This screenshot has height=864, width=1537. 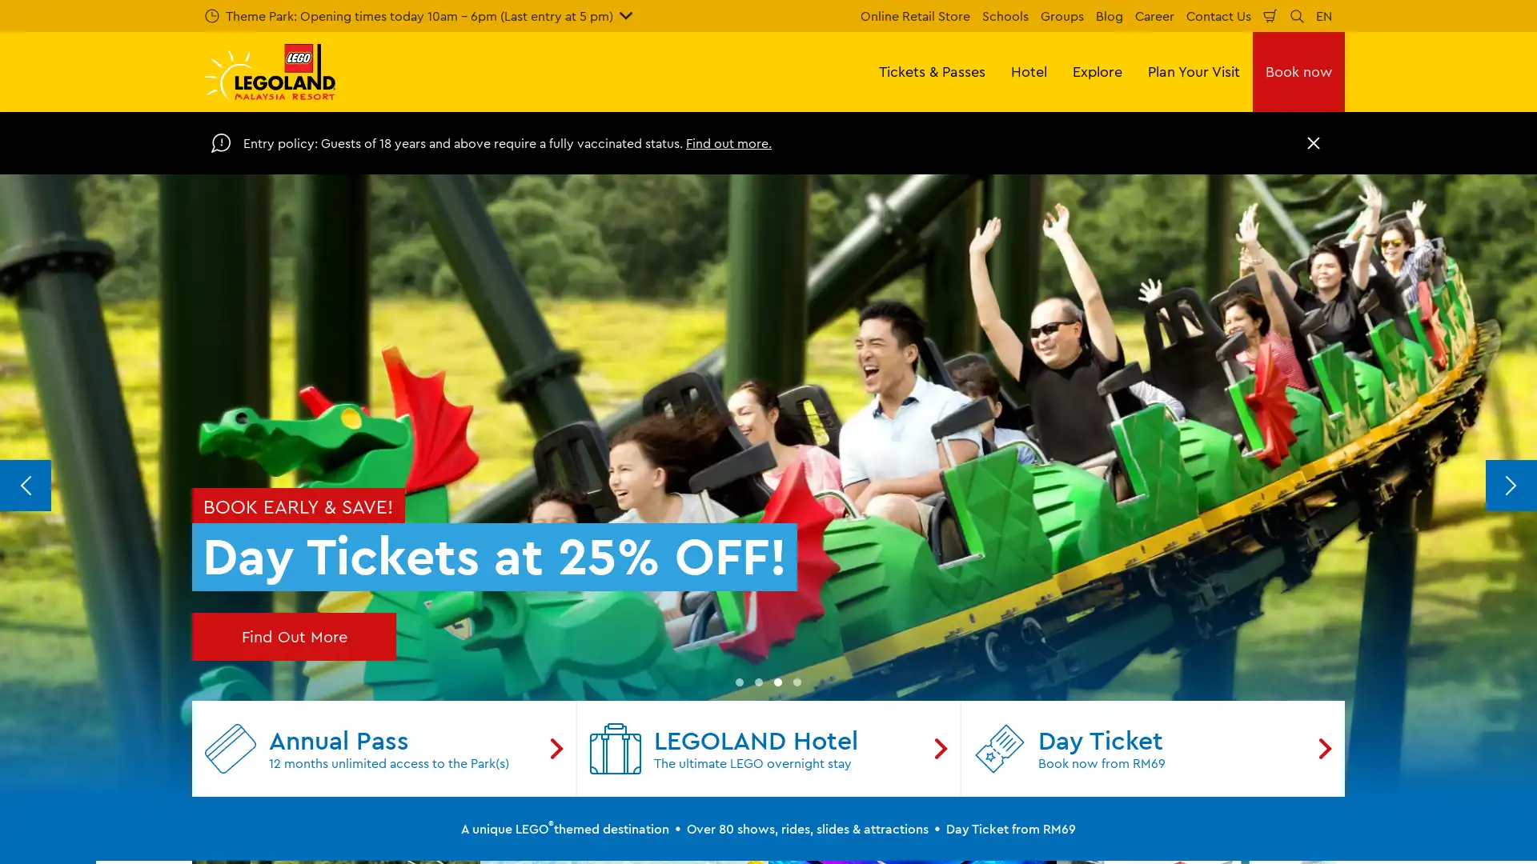 I want to click on Hotel, so click(x=1029, y=70).